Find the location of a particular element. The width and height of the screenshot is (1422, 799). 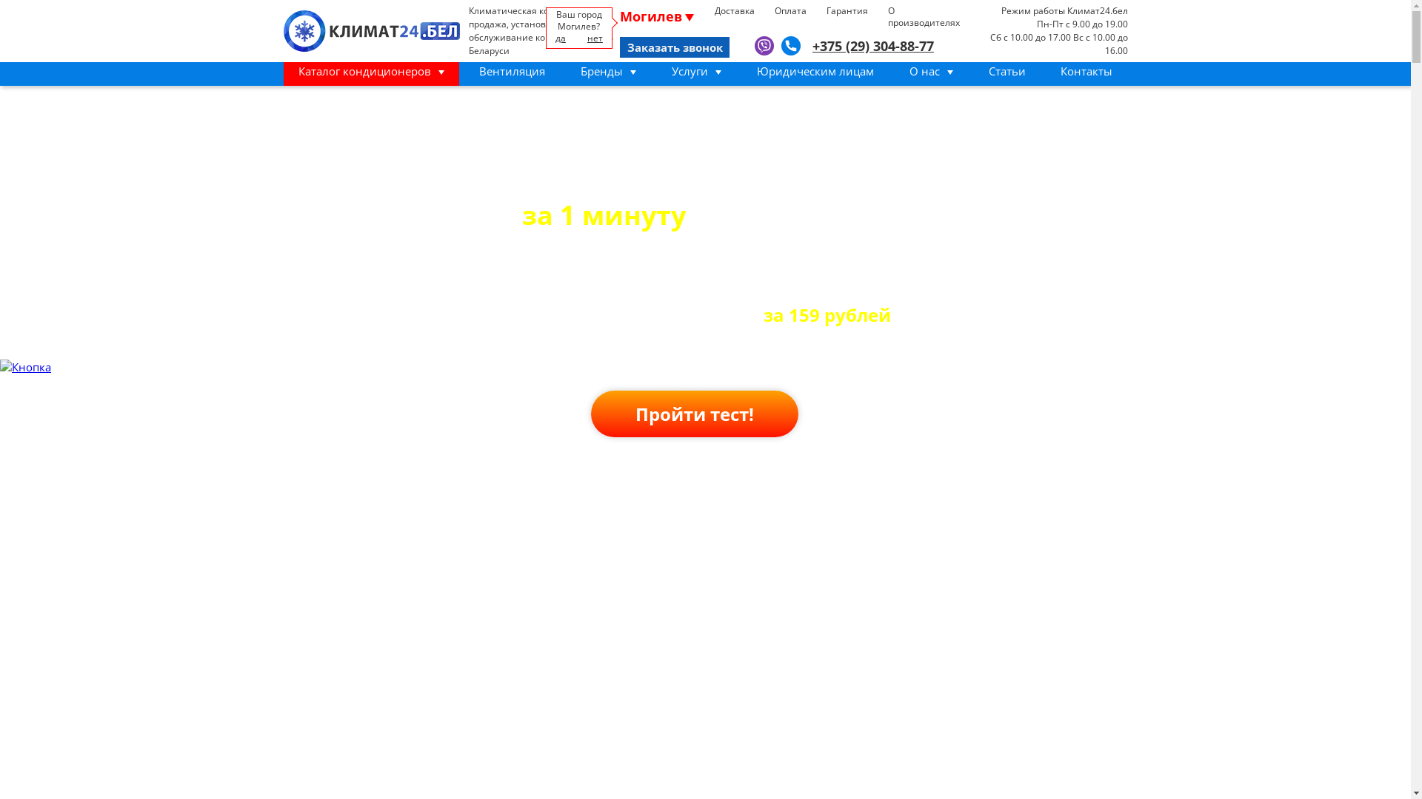

'+375 (29) 304-88-77' is located at coordinates (812, 45).